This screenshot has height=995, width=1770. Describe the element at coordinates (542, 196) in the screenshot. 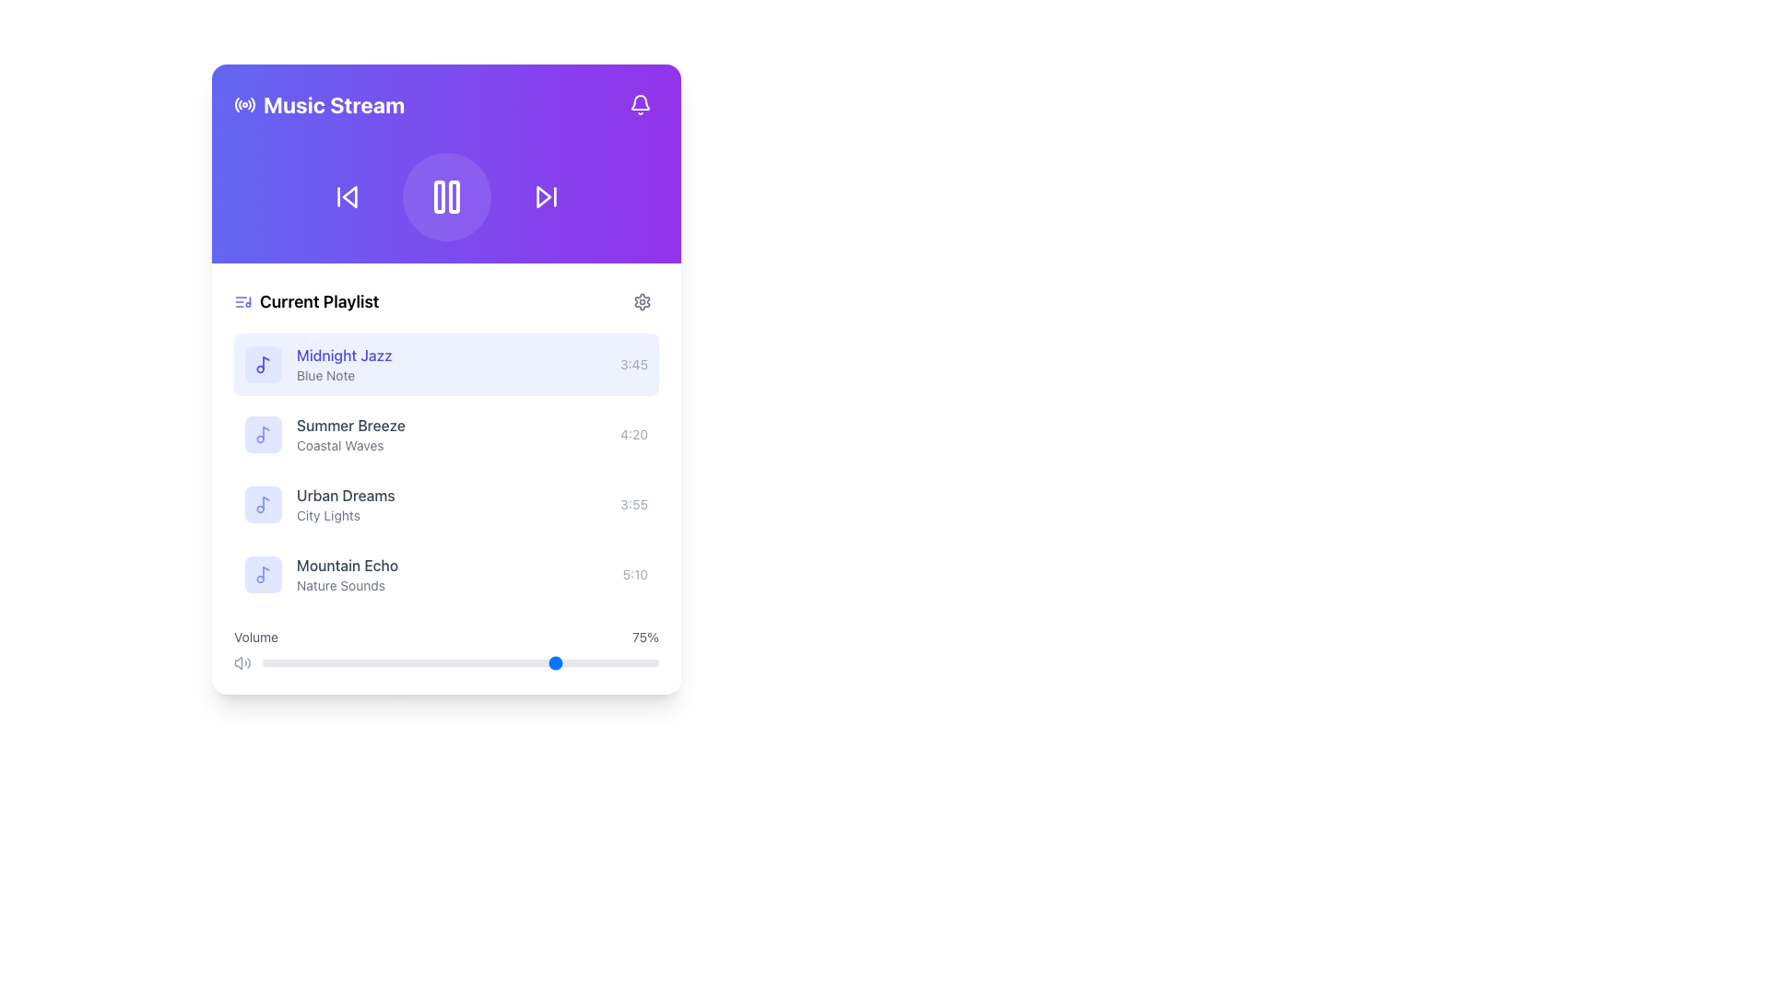

I see `the triangular-shaped vector graphic icon resembling a forward arrow, which has a purple stroke outline` at that location.